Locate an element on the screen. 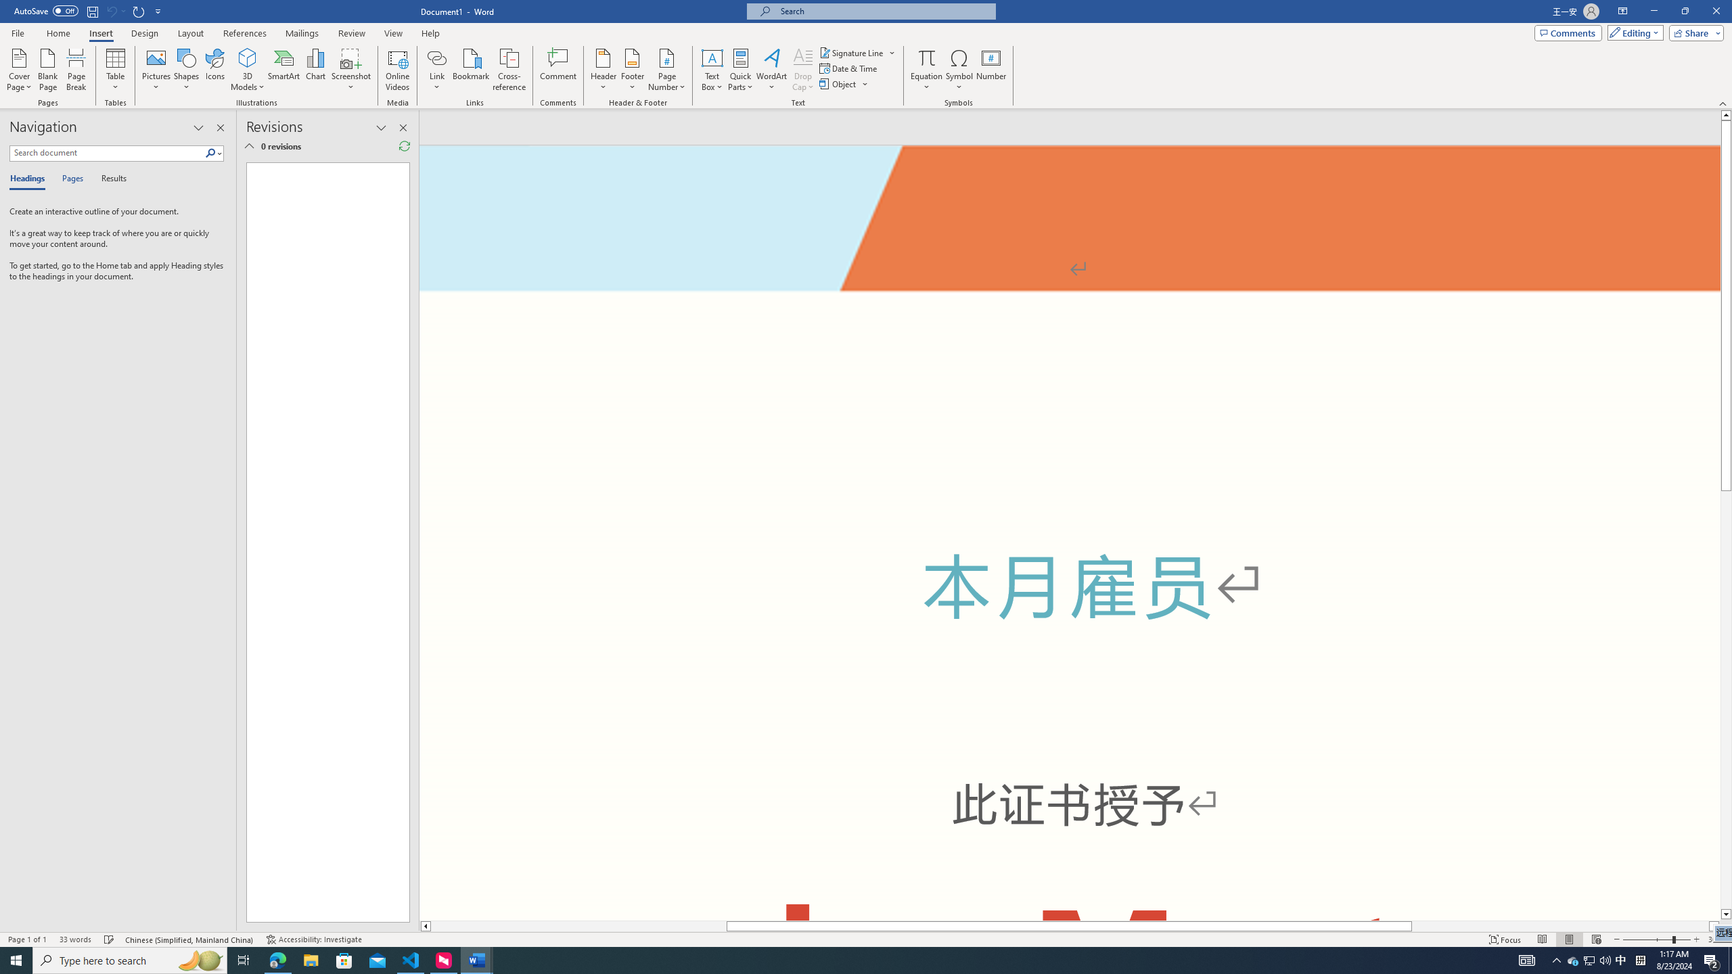 This screenshot has width=1732, height=974. 'Page Break' is located at coordinates (75, 70).